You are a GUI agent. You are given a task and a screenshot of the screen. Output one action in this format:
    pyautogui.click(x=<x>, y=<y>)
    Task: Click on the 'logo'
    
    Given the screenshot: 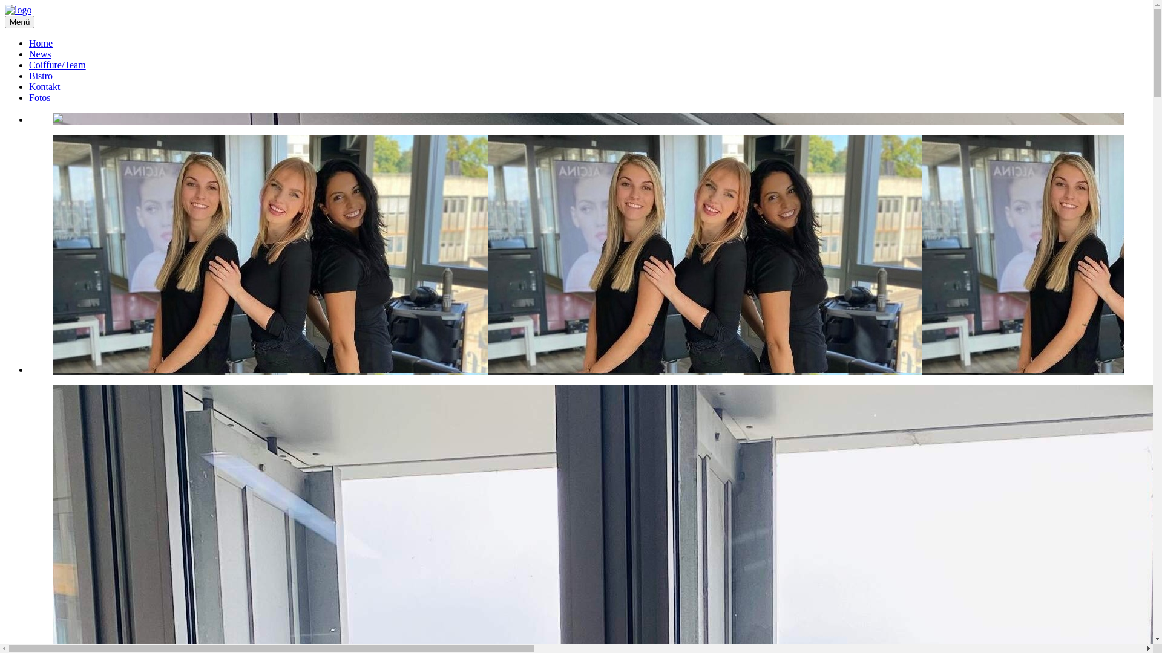 What is the action you would take?
    pyautogui.click(x=18, y=10)
    